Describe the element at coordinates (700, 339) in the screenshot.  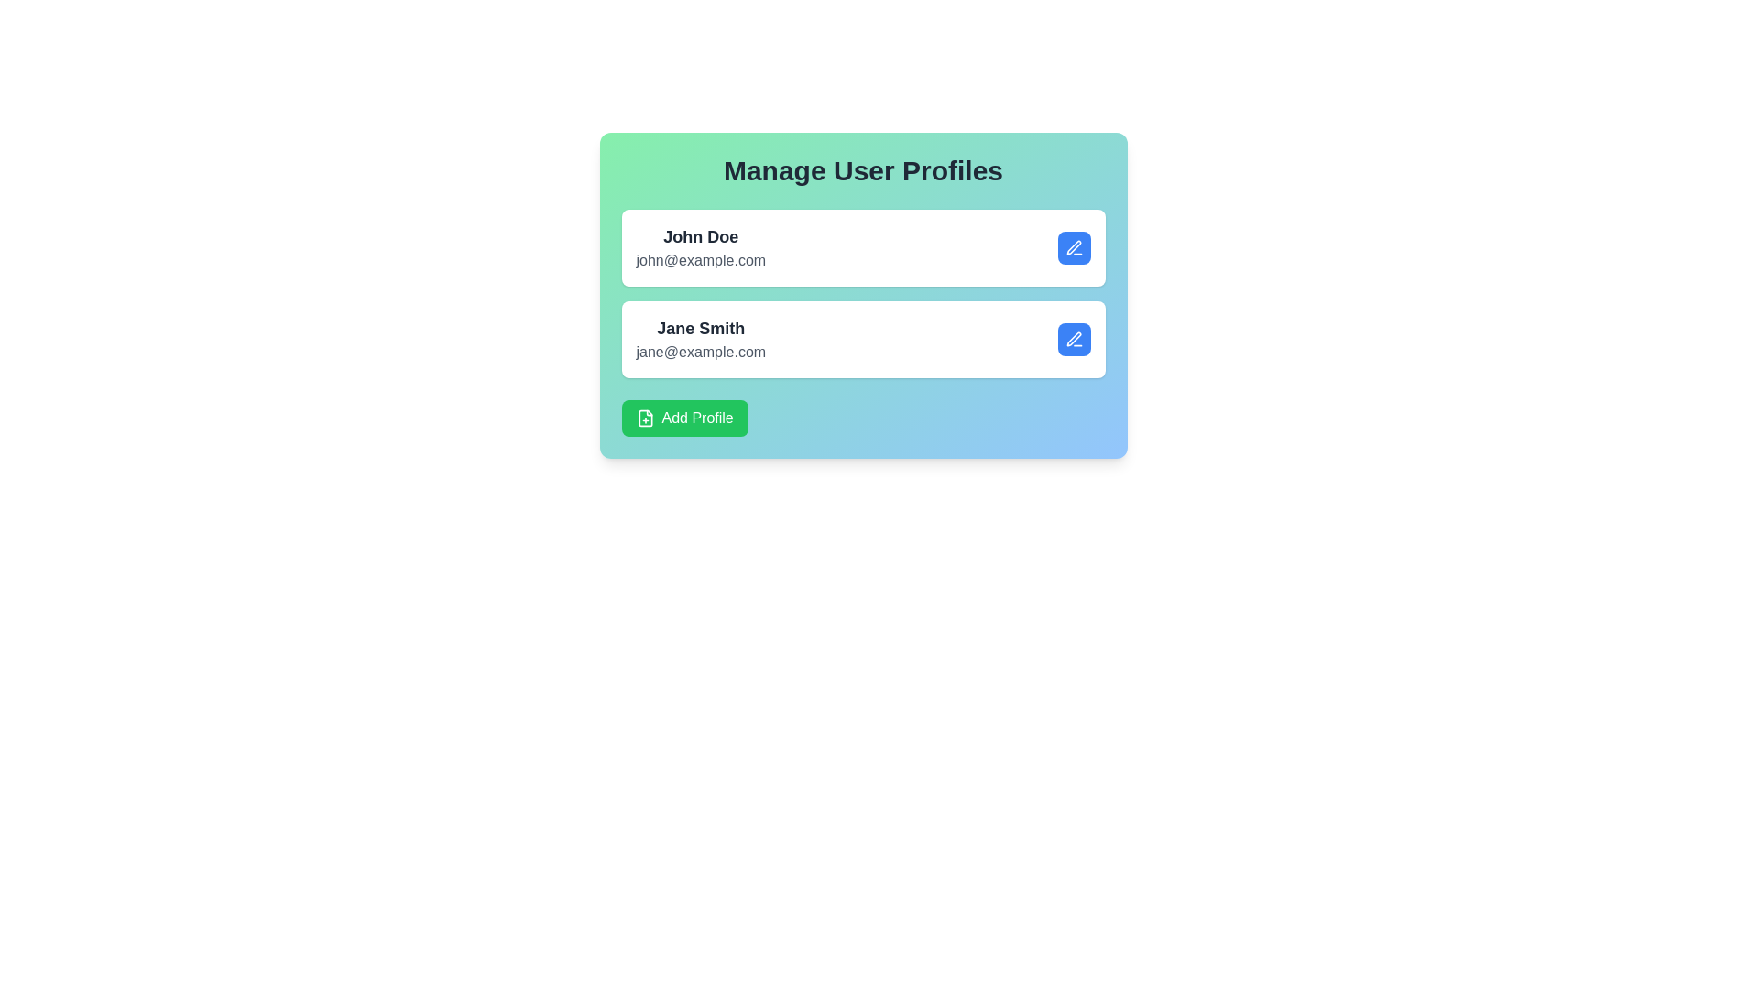
I see `the user profile display element that shows a user's name and email, located as the second entry in a vertical list of user profiles` at that location.